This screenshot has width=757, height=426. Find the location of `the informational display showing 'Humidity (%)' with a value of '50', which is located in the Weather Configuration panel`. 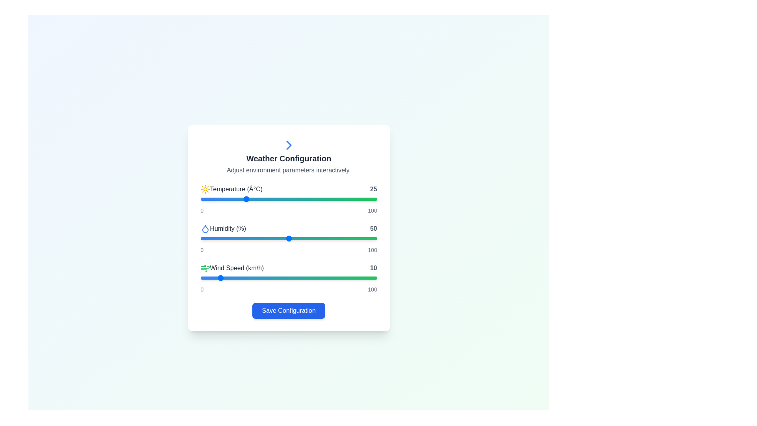

the informational display showing 'Humidity (%)' with a value of '50', which is located in the Weather Configuration panel is located at coordinates (288, 228).